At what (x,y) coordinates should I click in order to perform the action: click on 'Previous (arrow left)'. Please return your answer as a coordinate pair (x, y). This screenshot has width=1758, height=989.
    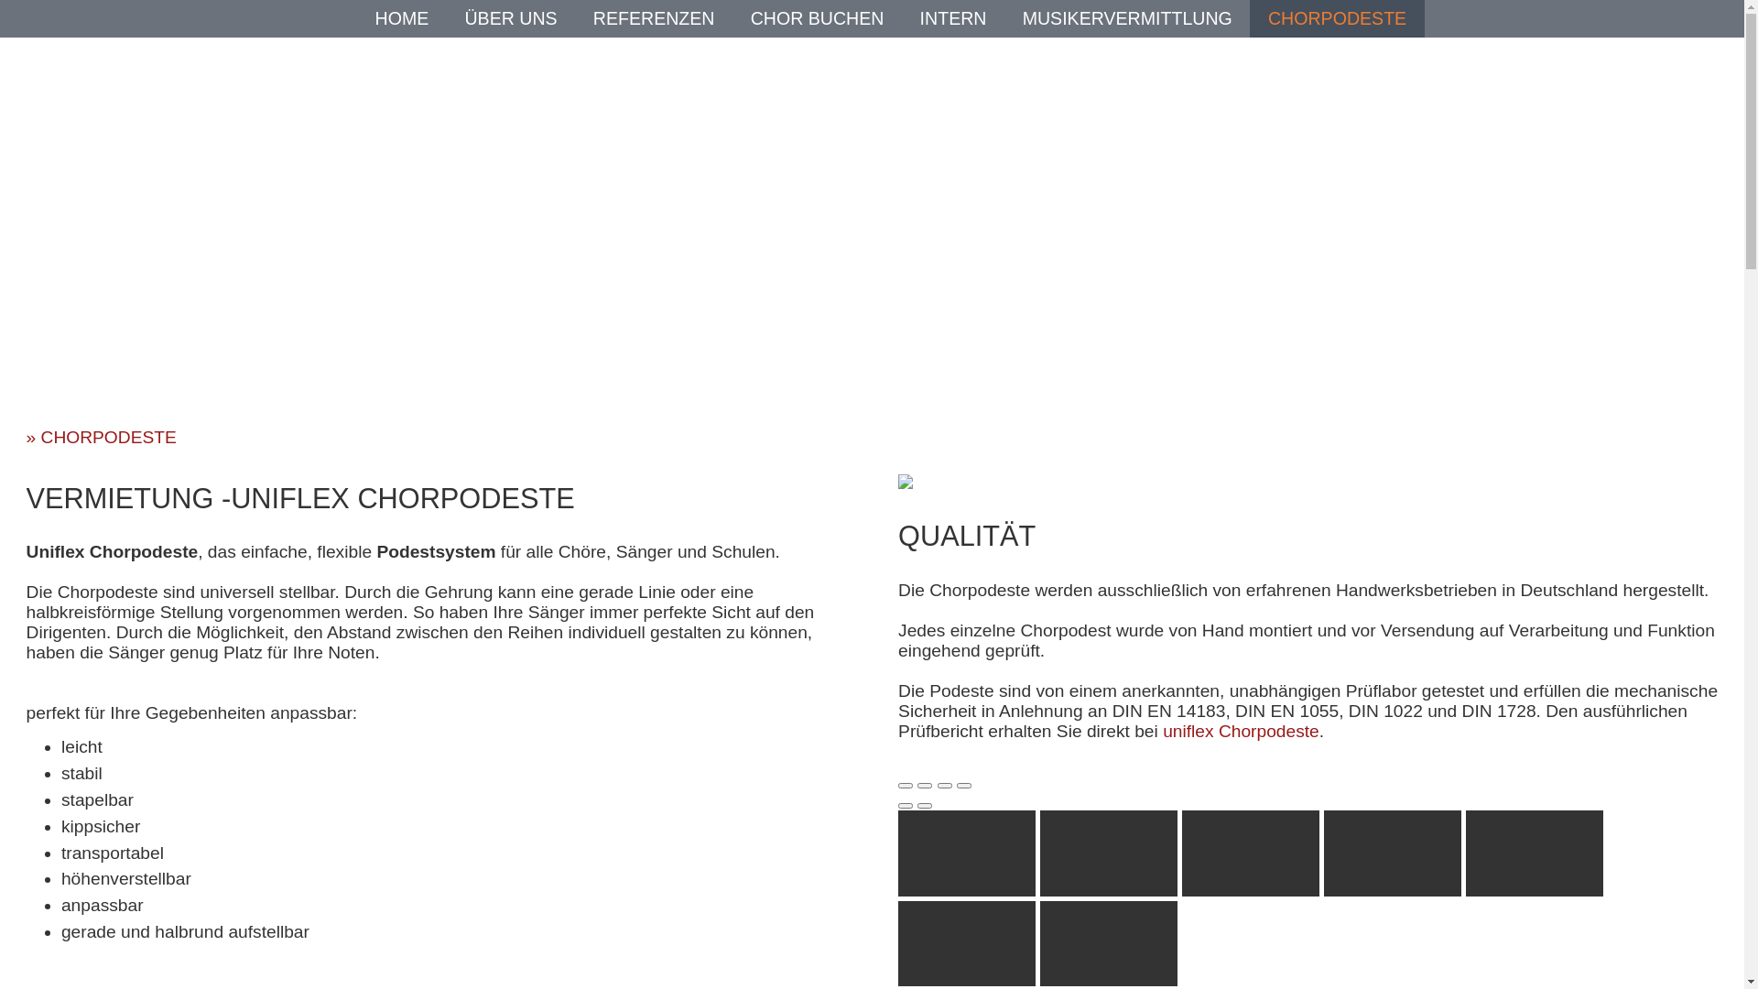
    Looking at the image, I should click on (905, 804).